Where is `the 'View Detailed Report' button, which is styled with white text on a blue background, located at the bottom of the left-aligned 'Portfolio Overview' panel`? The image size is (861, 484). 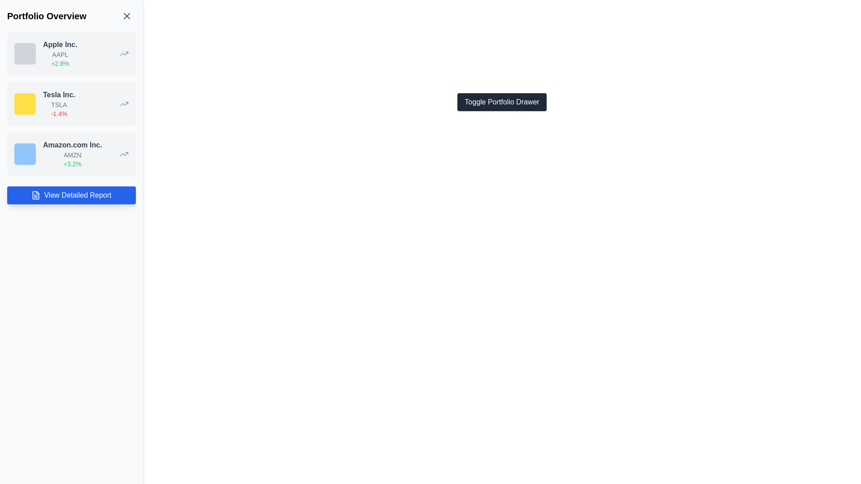
the 'View Detailed Report' button, which is styled with white text on a blue background, located at the bottom of the left-aligned 'Portfolio Overview' panel is located at coordinates (78, 194).